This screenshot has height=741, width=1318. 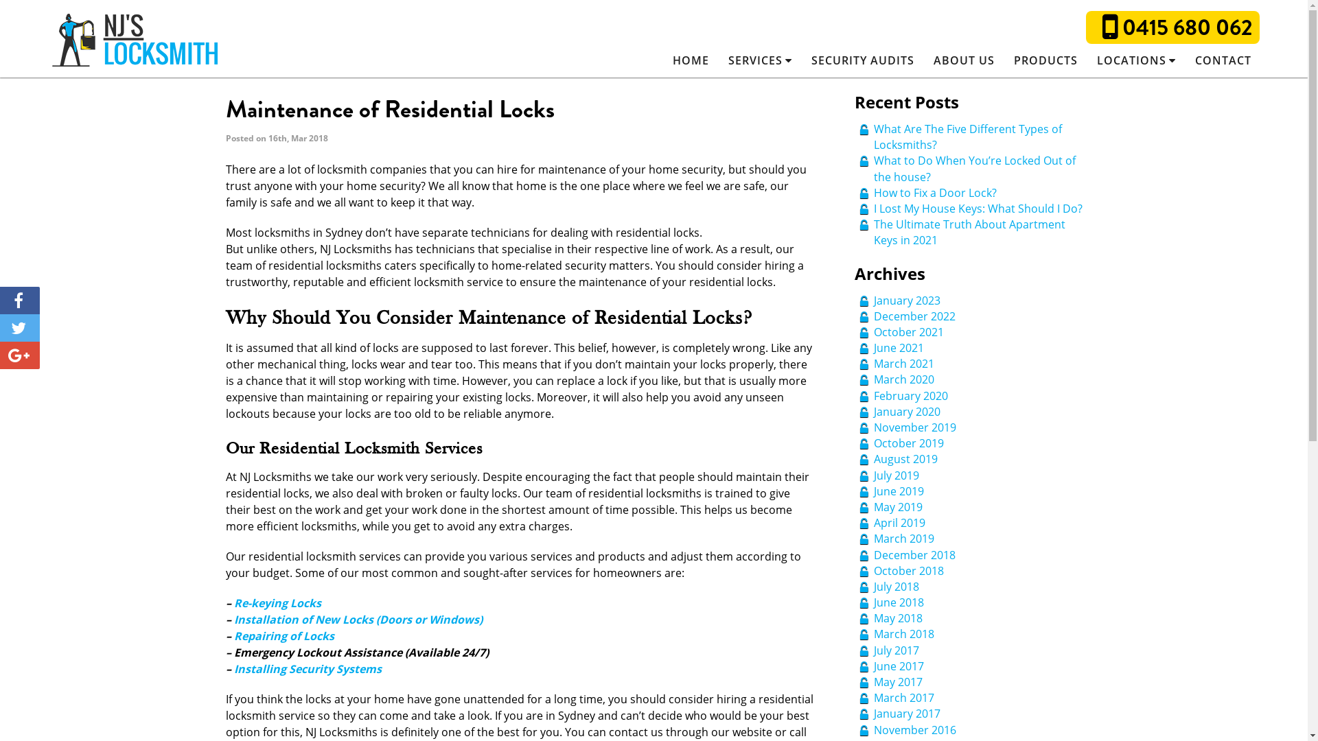 What do you see at coordinates (968, 231) in the screenshot?
I see `'The Ultimate Truth About Apartment Keys in 2021'` at bounding box center [968, 231].